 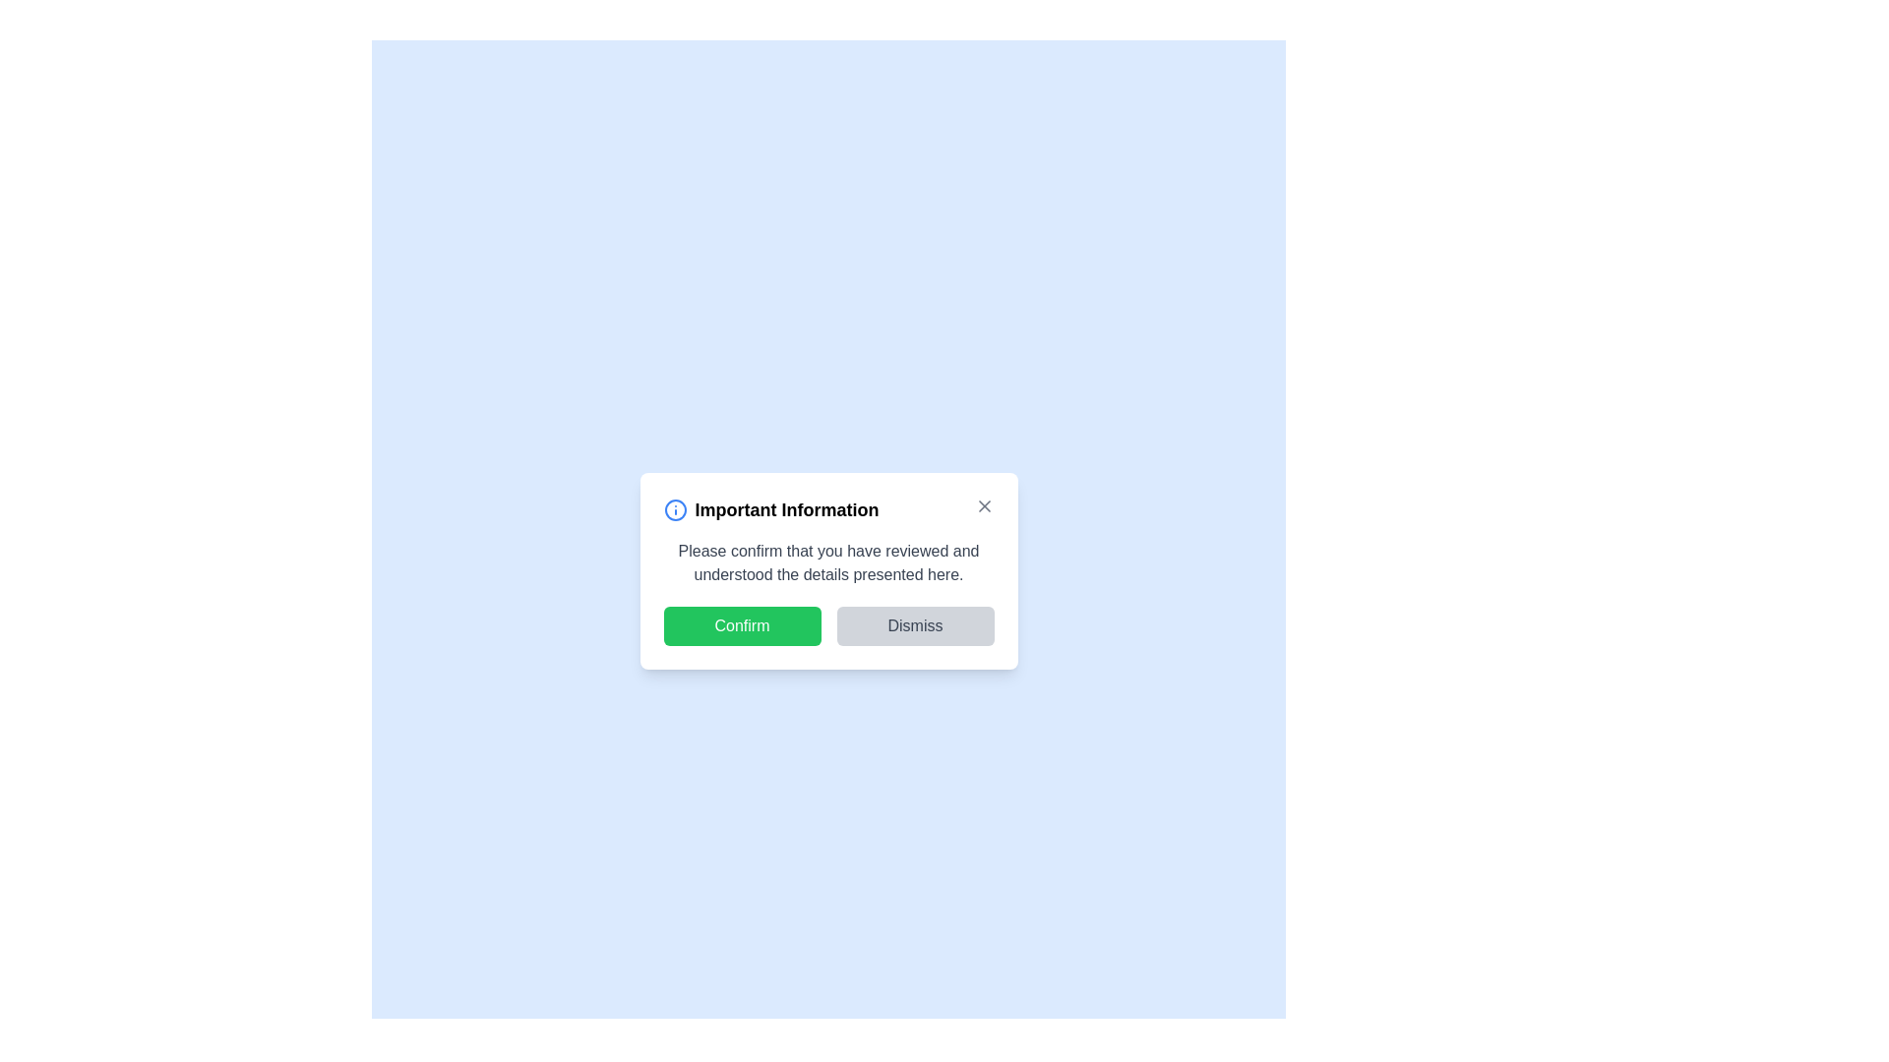 I want to click on the 'Confirm' button located near the center of the interface to observe its hover effect, so click(x=741, y=625).